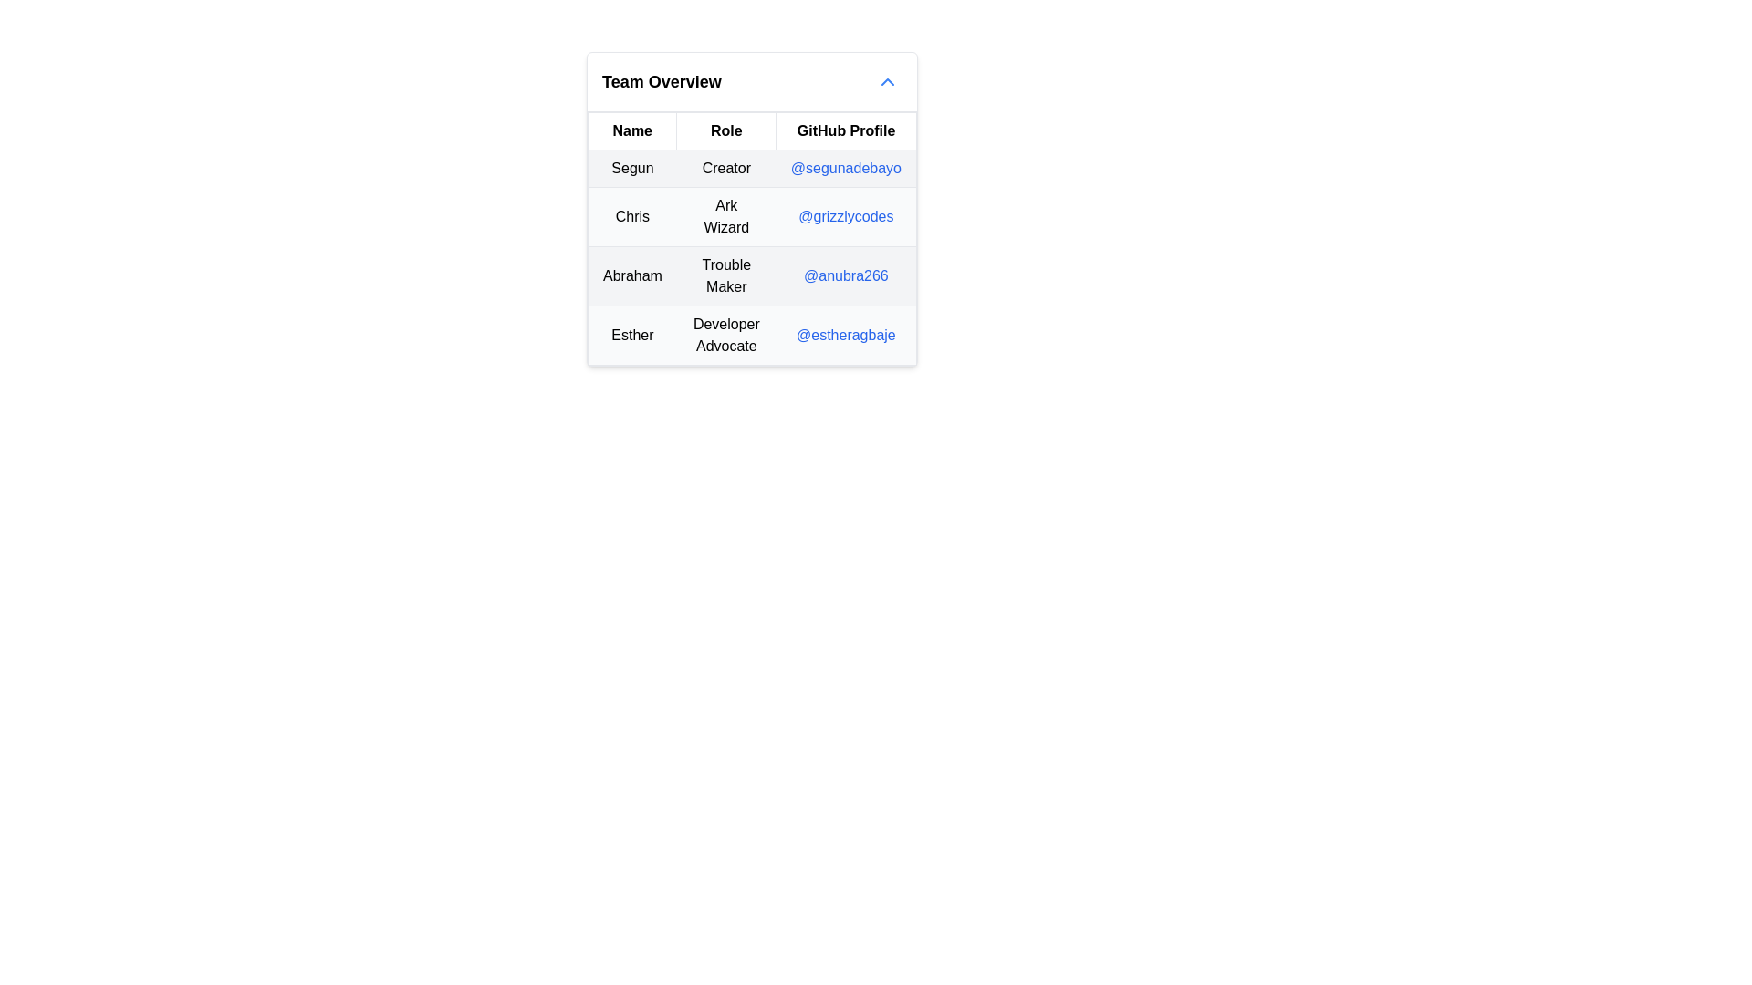  Describe the element at coordinates (632, 216) in the screenshot. I see `the static text label displaying the name of the team member 'Chris' located in the 'Name' column of the second row of the table, which is positioned to the left of 'Ark Wizard' and '@grizzlycodes.'` at that location.